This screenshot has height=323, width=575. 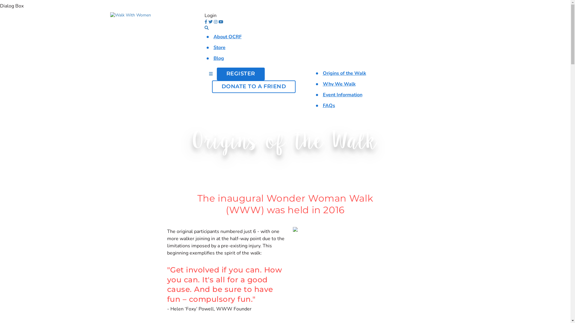 What do you see at coordinates (342, 94) in the screenshot?
I see `'Event Information'` at bounding box center [342, 94].